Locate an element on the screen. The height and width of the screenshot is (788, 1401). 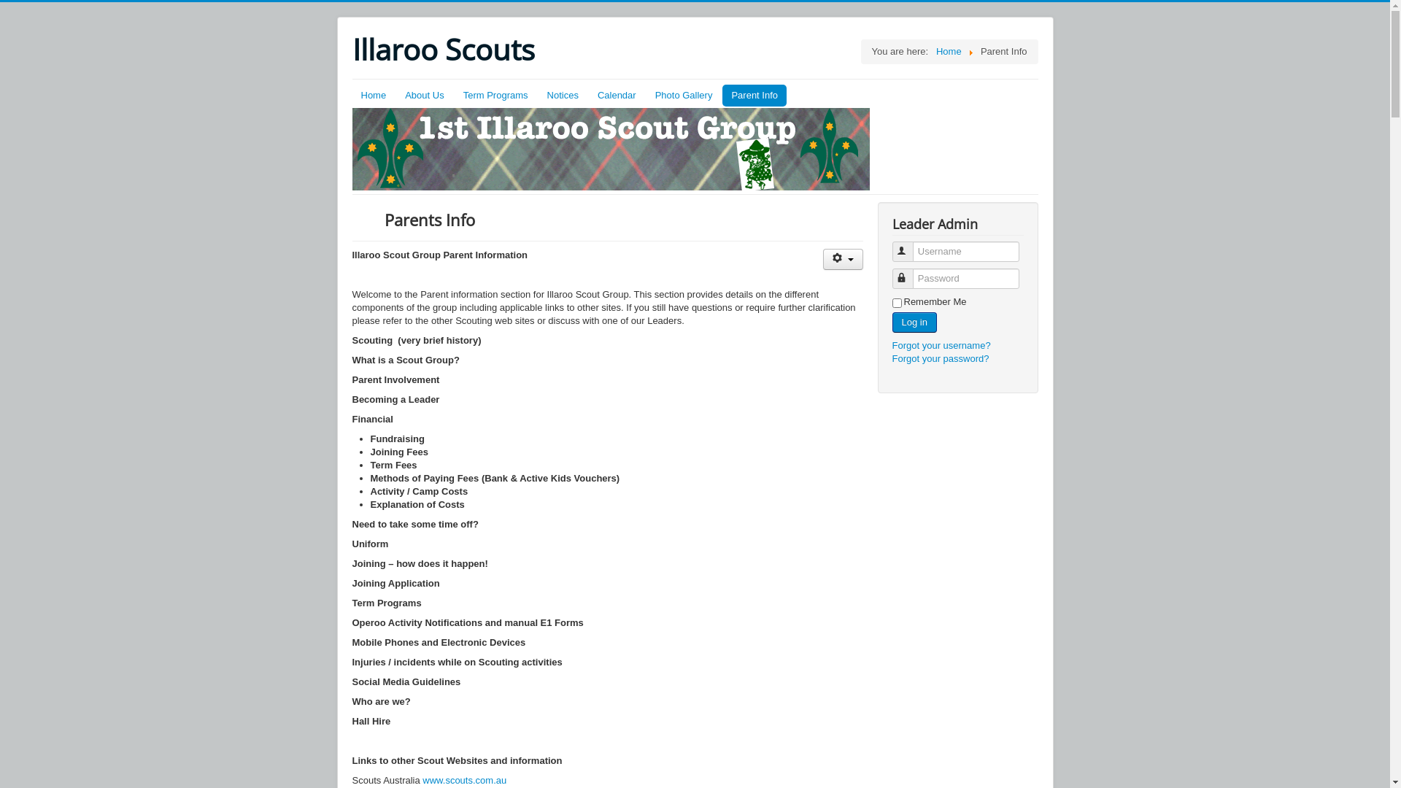
'Home' is located at coordinates (949, 50).